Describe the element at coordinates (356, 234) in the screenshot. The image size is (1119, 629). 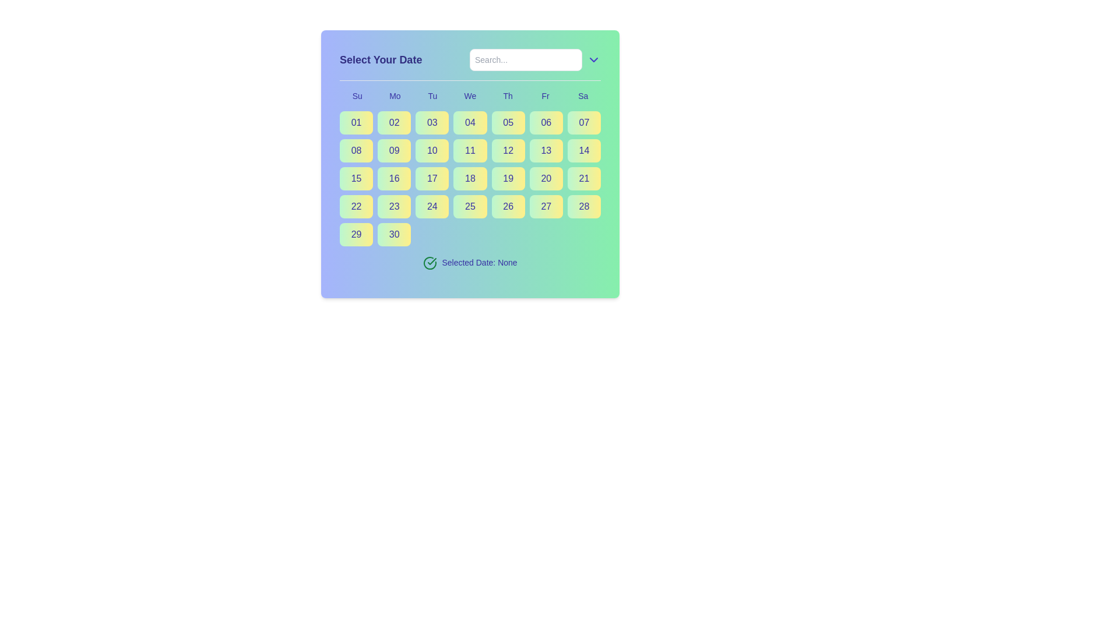
I see `the button` at that location.